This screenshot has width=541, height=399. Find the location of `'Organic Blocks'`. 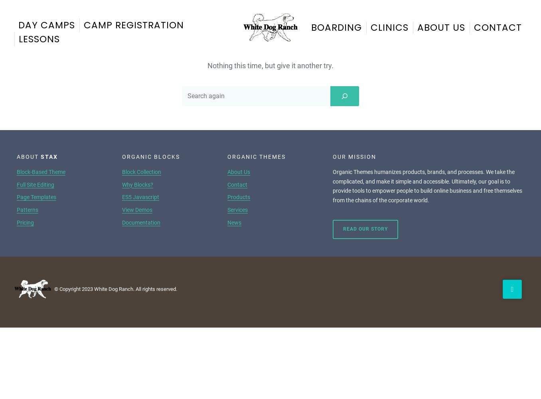

'Organic Blocks' is located at coordinates (150, 156).